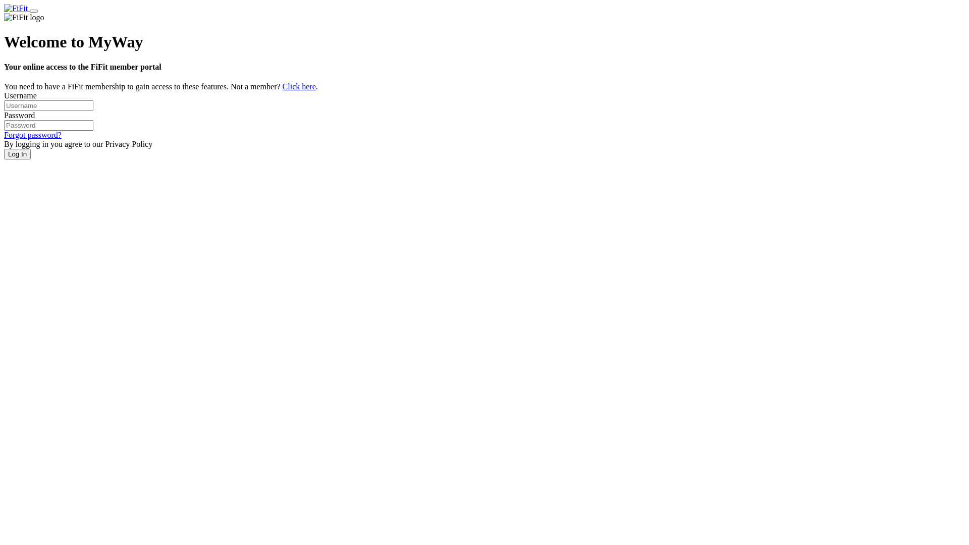 The image size is (969, 545). Describe the element at coordinates (299, 86) in the screenshot. I see `'Click here'` at that location.